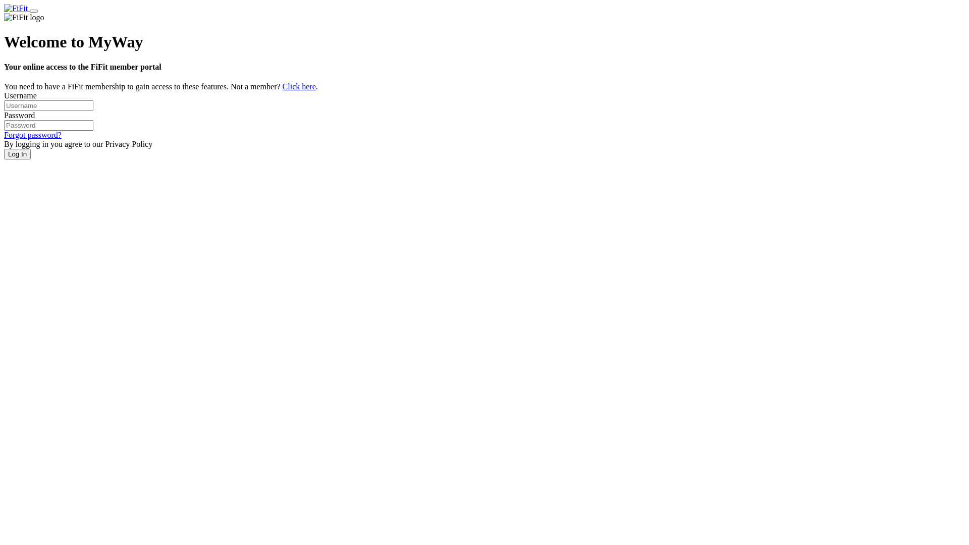 The image size is (969, 545). Describe the element at coordinates (299, 86) in the screenshot. I see `'Click here'` at that location.